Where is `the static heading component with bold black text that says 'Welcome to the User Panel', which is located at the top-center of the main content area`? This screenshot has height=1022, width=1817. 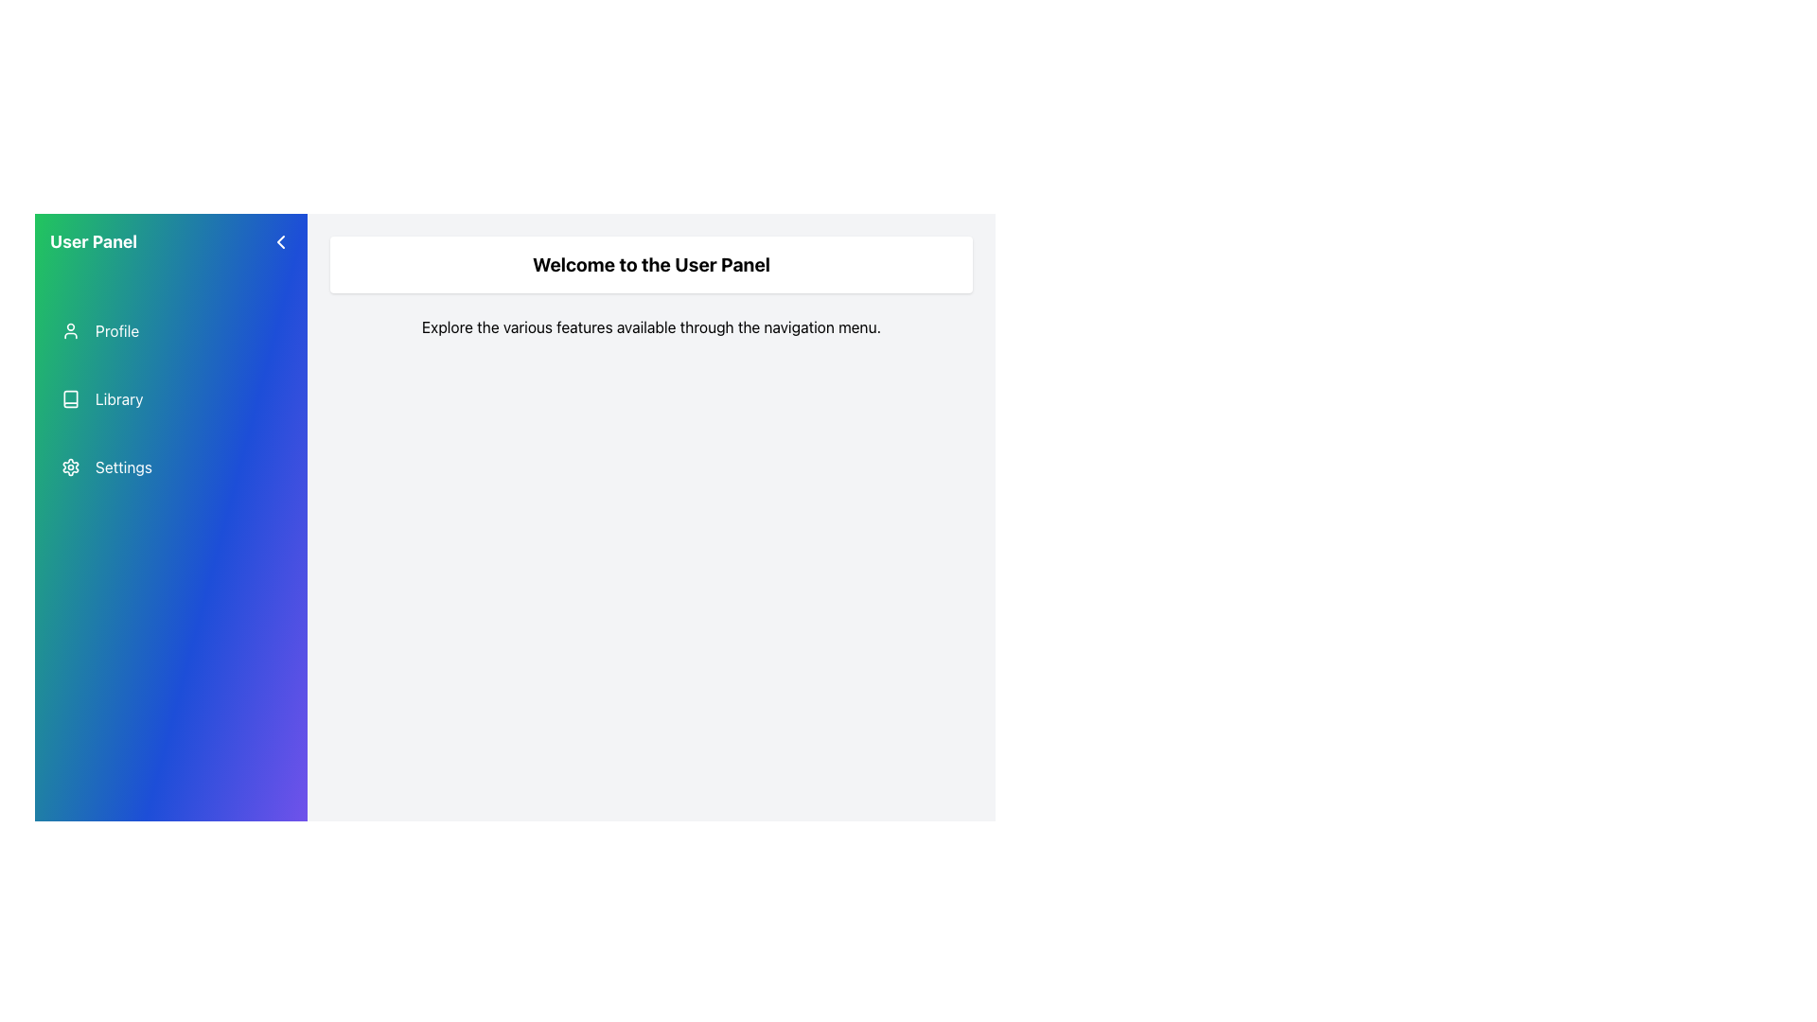
the static heading component with bold black text that says 'Welcome to the User Panel', which is located at the top-center of the main content area is located at coordinates (651, 265).